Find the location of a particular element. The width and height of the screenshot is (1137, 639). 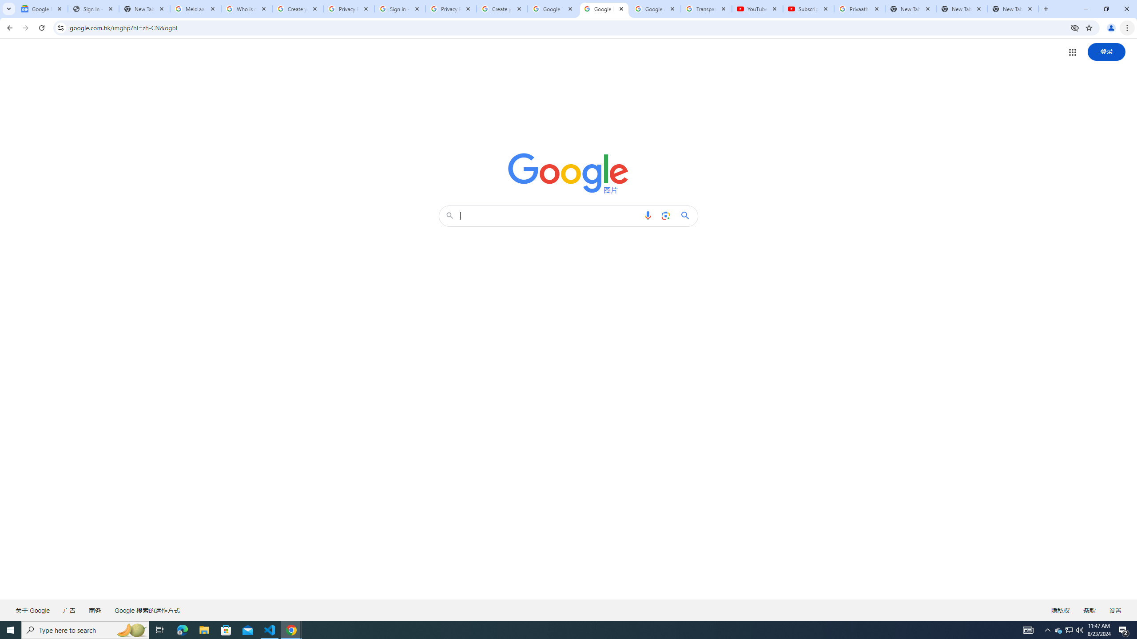

'Subscriptions - YouTube' is located at coordinates (808, 8).